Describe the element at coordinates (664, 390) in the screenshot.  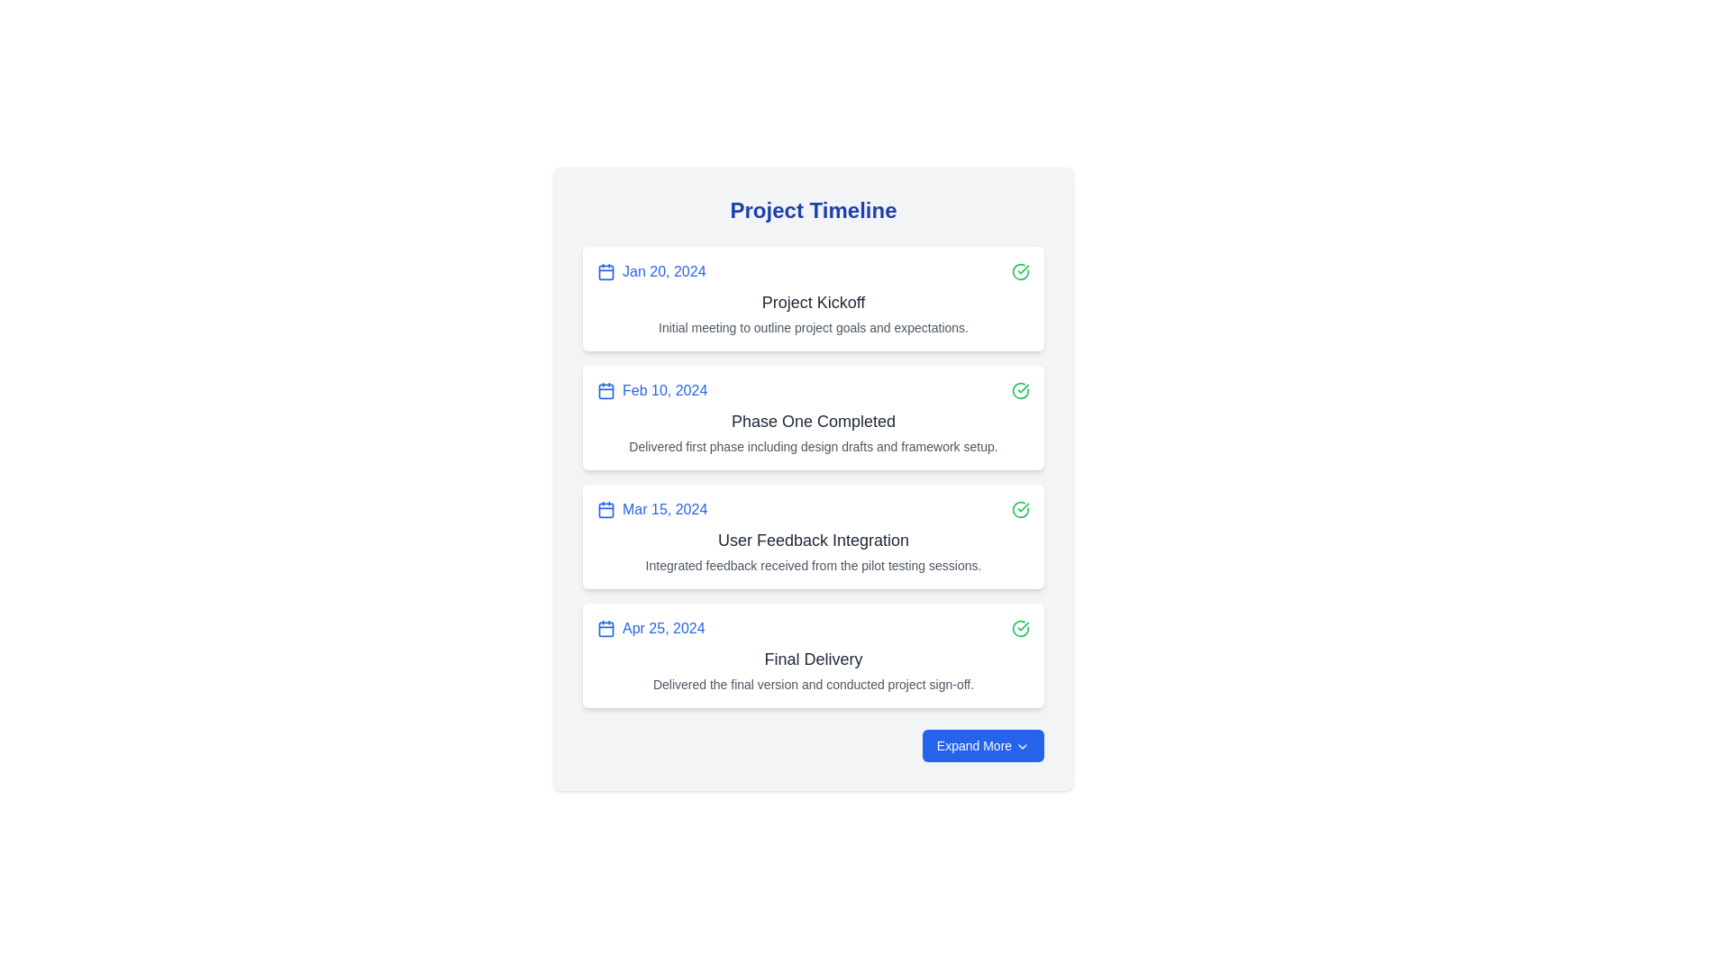
I see `the static text displaying the date 'Feb 10, 2024' in blue, medium-sized font, positioned on the left side of its entry in a timeline` at that location.